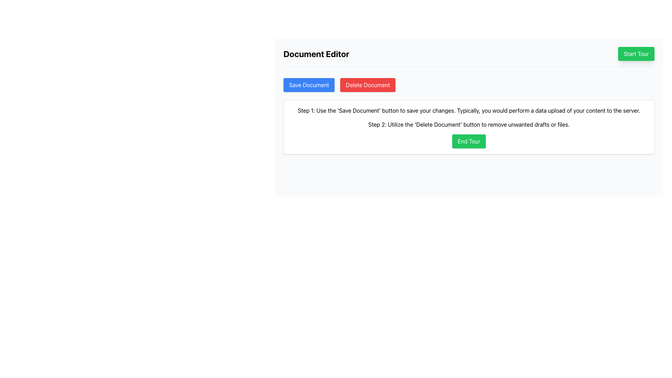  Describe the element at coordinates (316, 54) in the screenshot. I see `the static text element displaying 'Document Editor' at the top left of the interface` at that location.